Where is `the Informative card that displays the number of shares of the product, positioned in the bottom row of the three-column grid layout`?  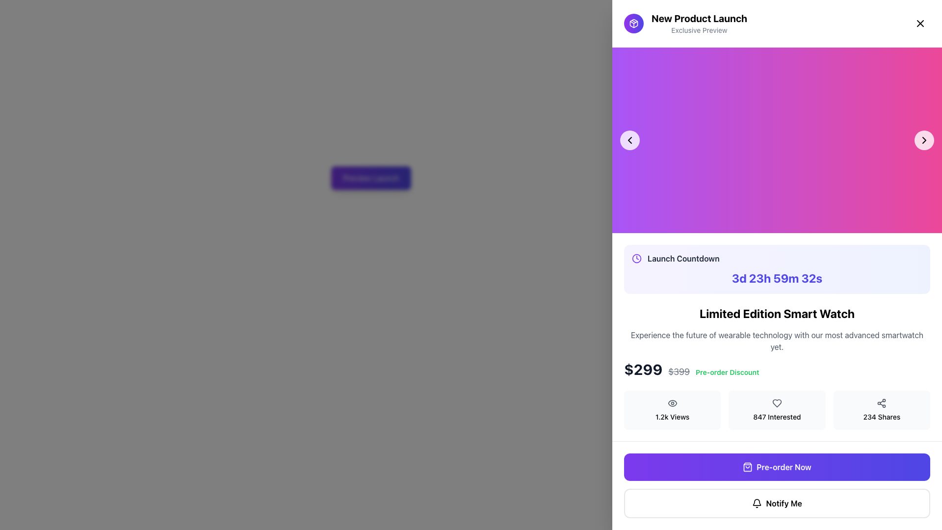 the Informative card that displays the number of shares of the product, positioned in the bottom row of the three-column grid layout is located at coordinates (882, 410).